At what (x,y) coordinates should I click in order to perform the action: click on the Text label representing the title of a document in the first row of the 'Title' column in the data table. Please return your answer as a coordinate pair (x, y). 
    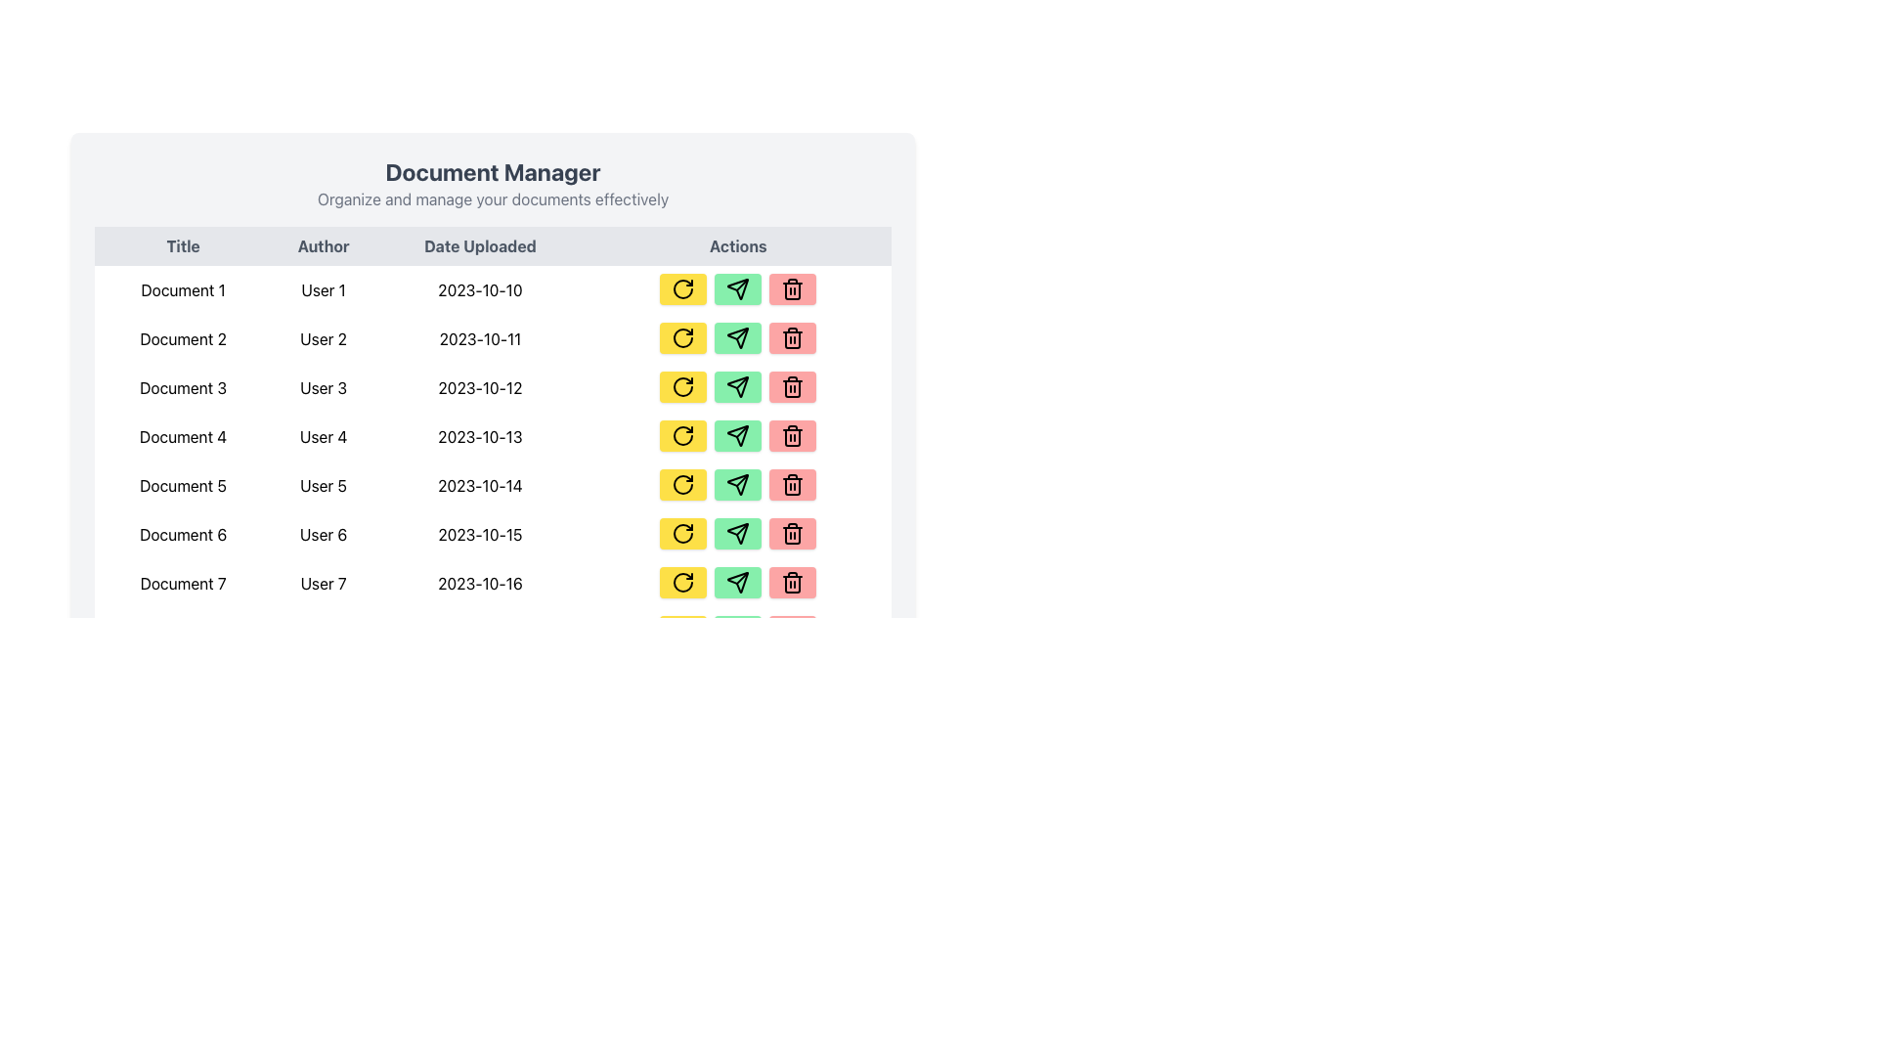
    Looking at the image, I should click on (183, 290).